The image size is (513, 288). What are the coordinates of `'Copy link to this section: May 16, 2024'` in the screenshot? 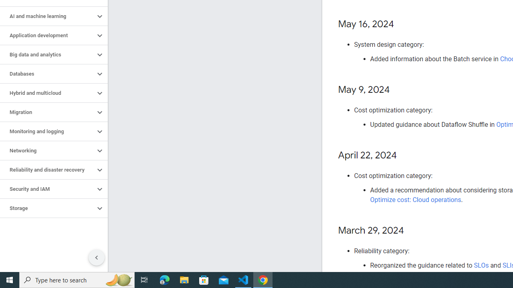 It's located at (402, 24).